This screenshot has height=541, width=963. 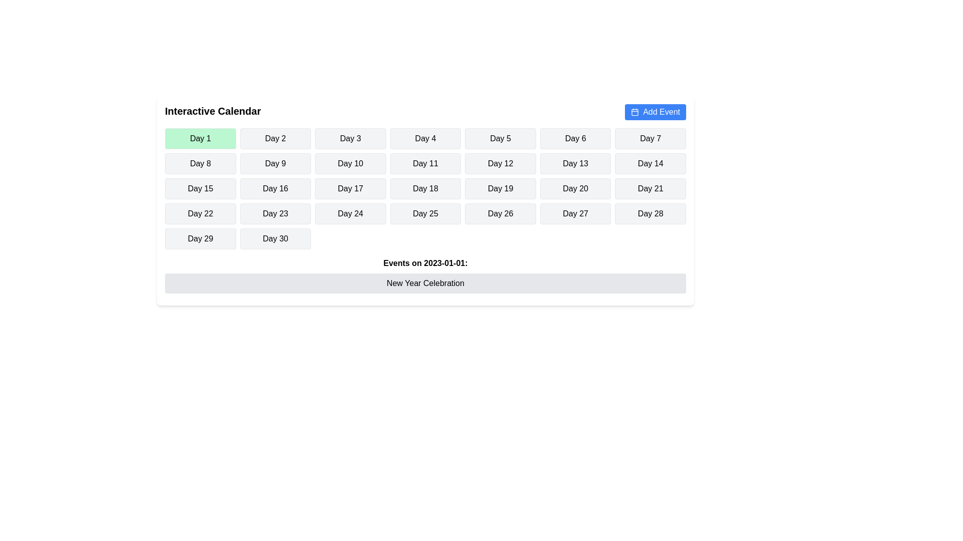 I want to click on the button representing the 29th day in the interactive calendar, so click(x=200, y=239).